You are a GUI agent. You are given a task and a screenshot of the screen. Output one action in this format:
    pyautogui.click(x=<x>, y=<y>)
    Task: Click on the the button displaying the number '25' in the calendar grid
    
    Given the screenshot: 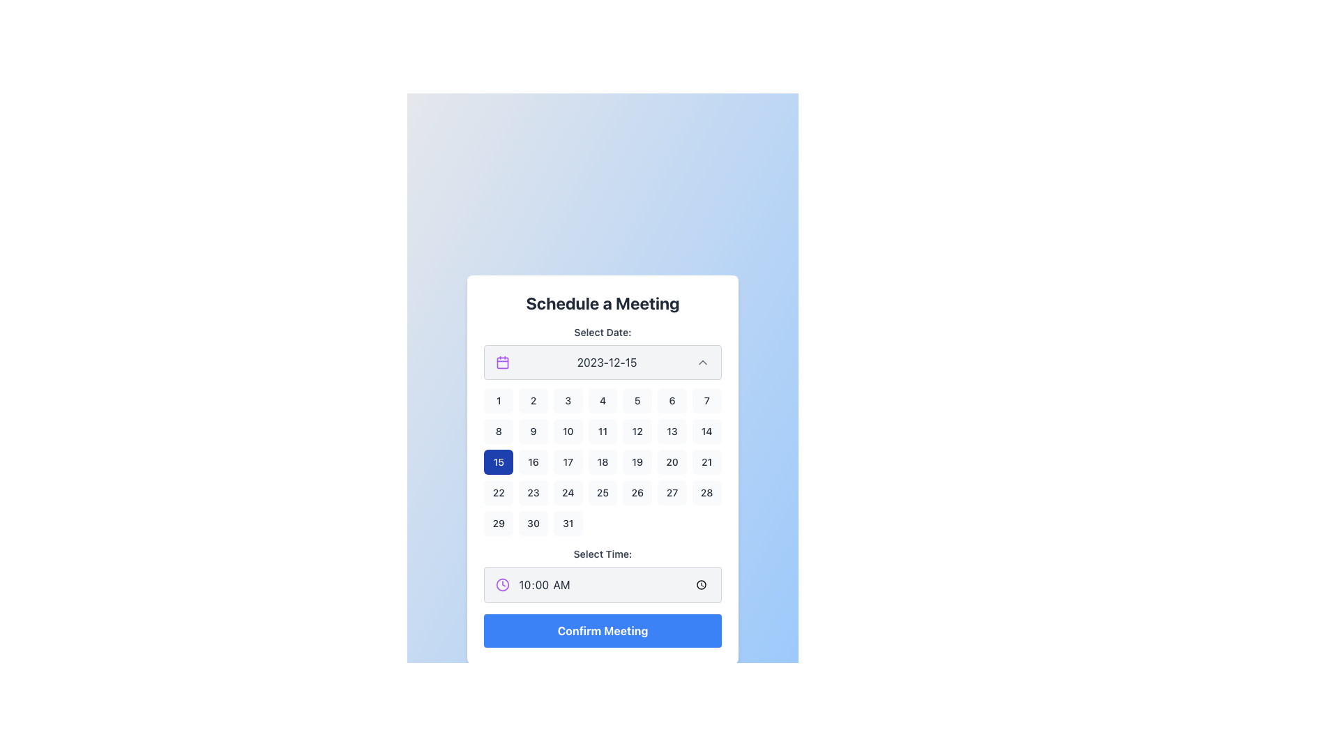 What is the action you would take?
    pyautogui.click(x=603, y=492)
    